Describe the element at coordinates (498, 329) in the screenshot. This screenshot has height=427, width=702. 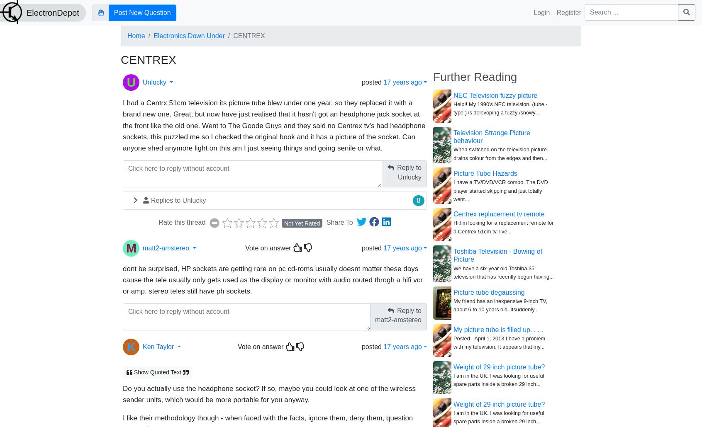
I see `'My picture tube is filled up. . . .'` at that location.